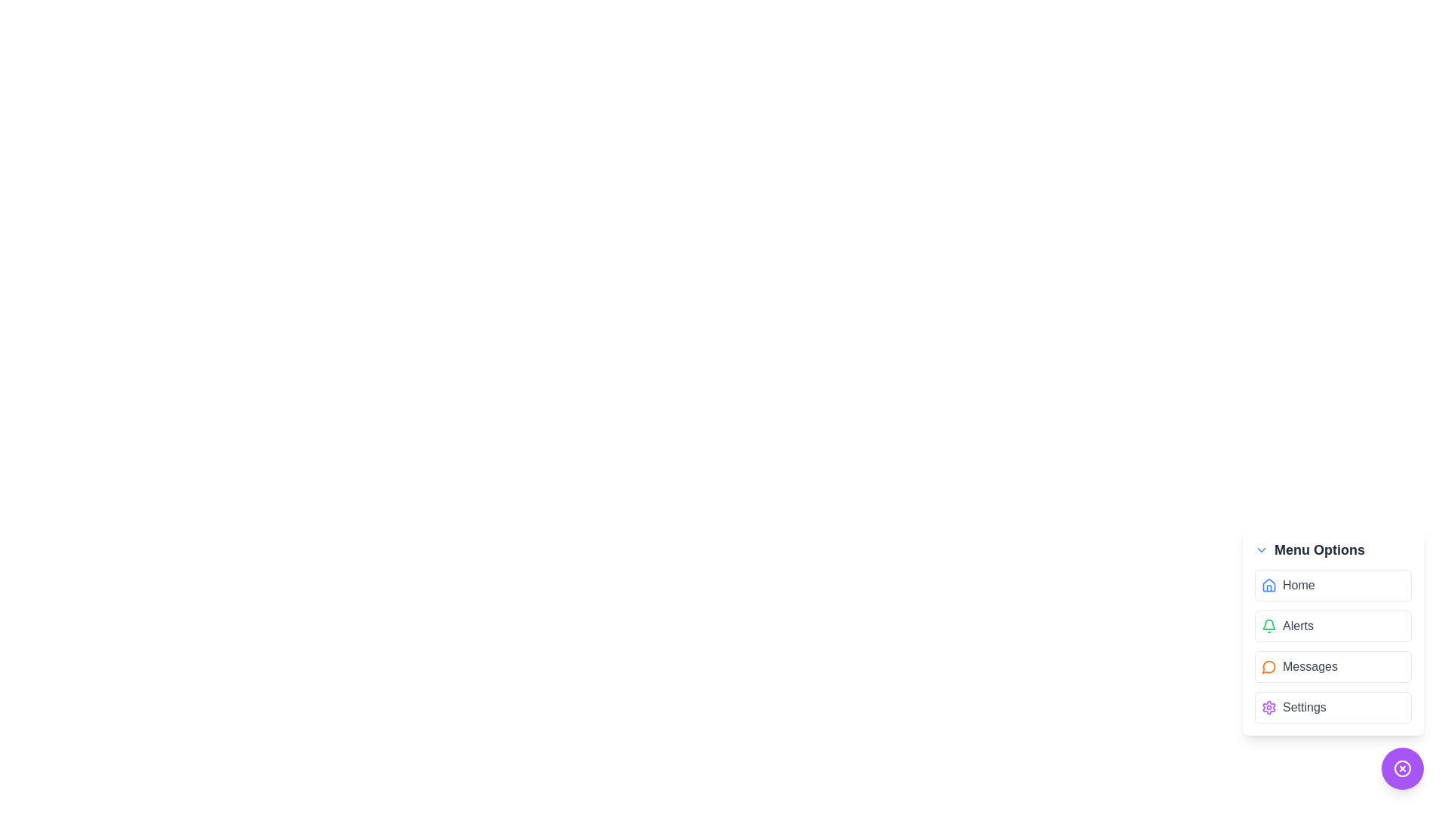 This screenshot has width=1448, height=814. Describe the element at coordinates (1333, 658) in the screenshot. I see `the 'Messages' item within the Interactive menu button located at the bottom-right corner of the interface for navigation` at that location.